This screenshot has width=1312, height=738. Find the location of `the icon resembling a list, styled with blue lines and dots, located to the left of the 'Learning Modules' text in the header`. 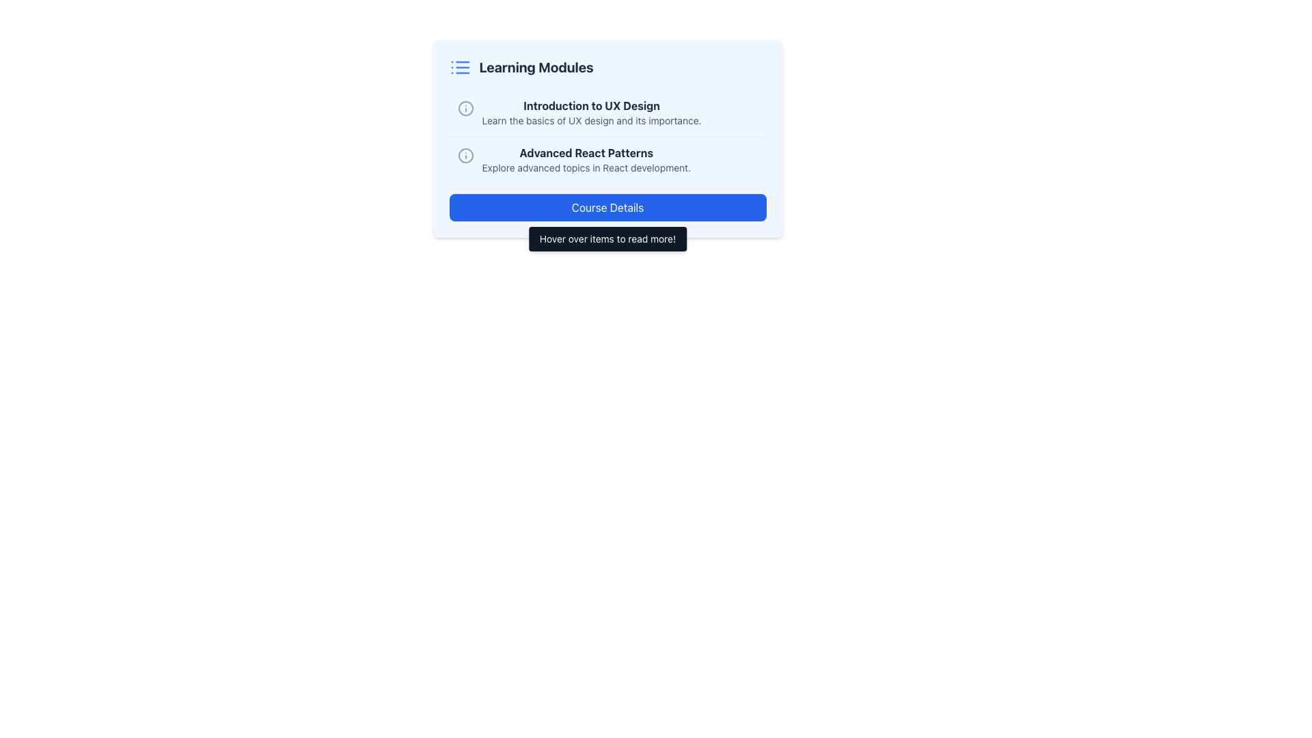

the icon resembling a list, styled with blue lines and dots, located to the left of the 'Learning Modules' text in the header is located at coordinates (460, 68).